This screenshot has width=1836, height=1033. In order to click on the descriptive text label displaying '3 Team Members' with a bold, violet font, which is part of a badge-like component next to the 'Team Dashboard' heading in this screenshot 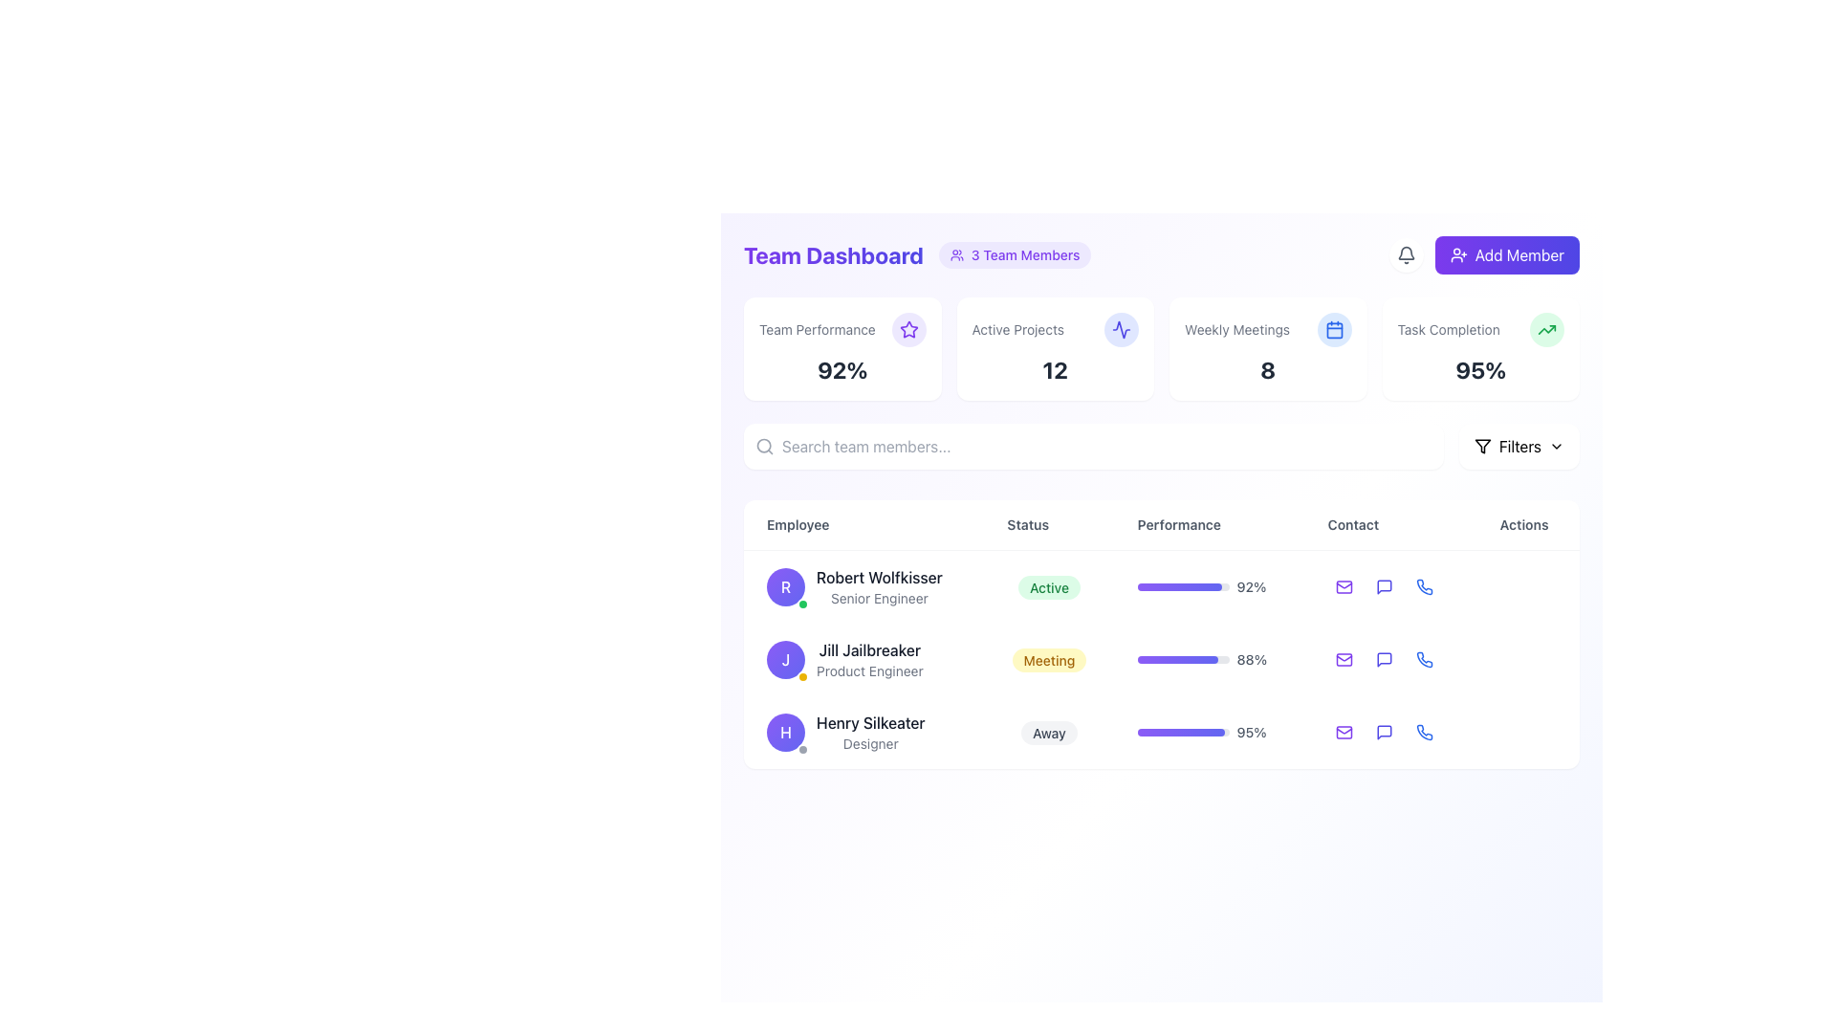, I will do `click(1024, 253)`.